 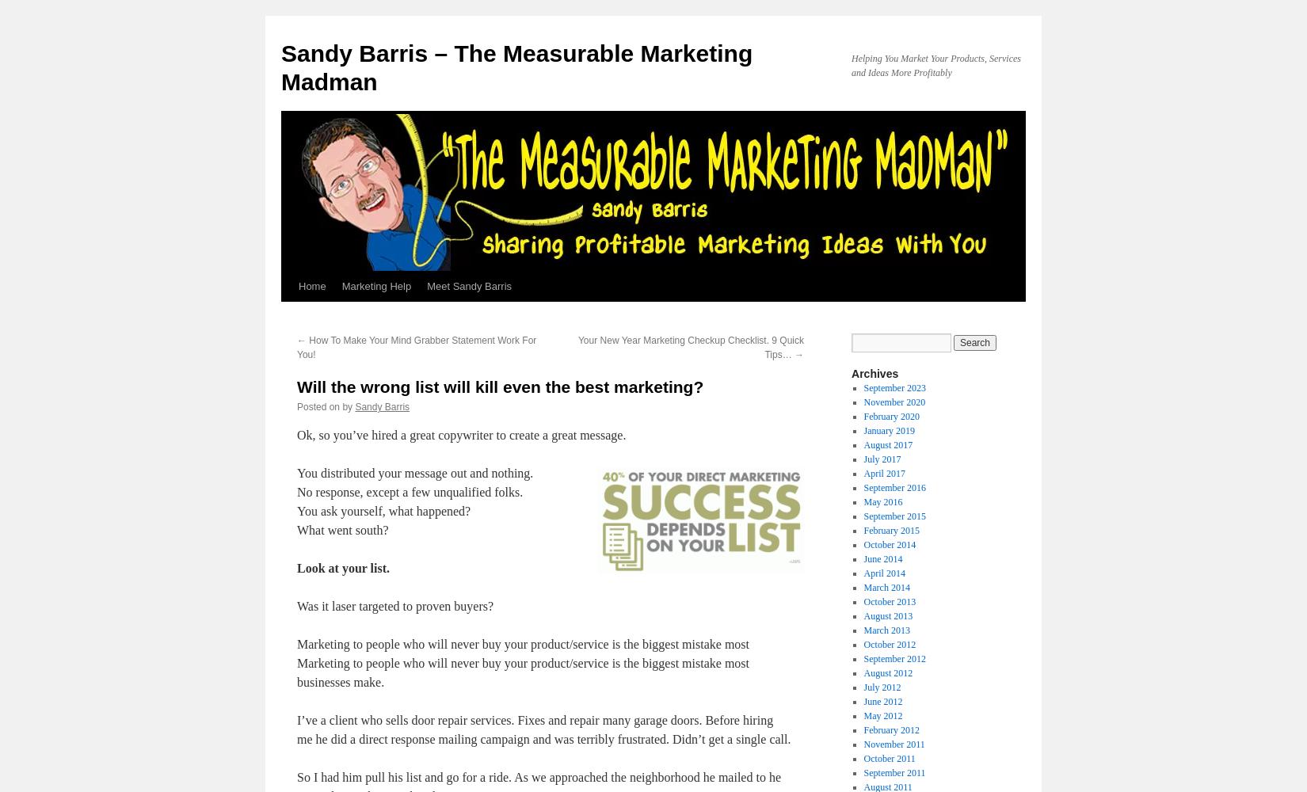 What do you see at coordinates (882, 716) in the screenshot?
I see `'May 2012'` at bounding box center [882, 716].